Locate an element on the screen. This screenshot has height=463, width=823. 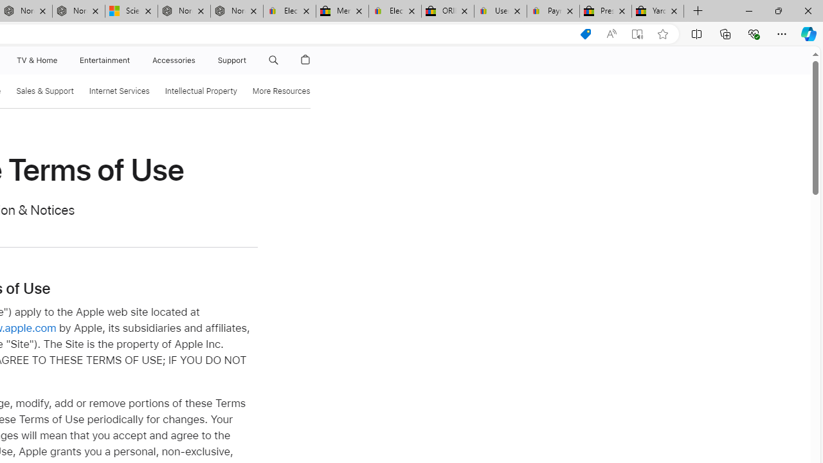
'More Resources' is located at coordinates (280, 90).